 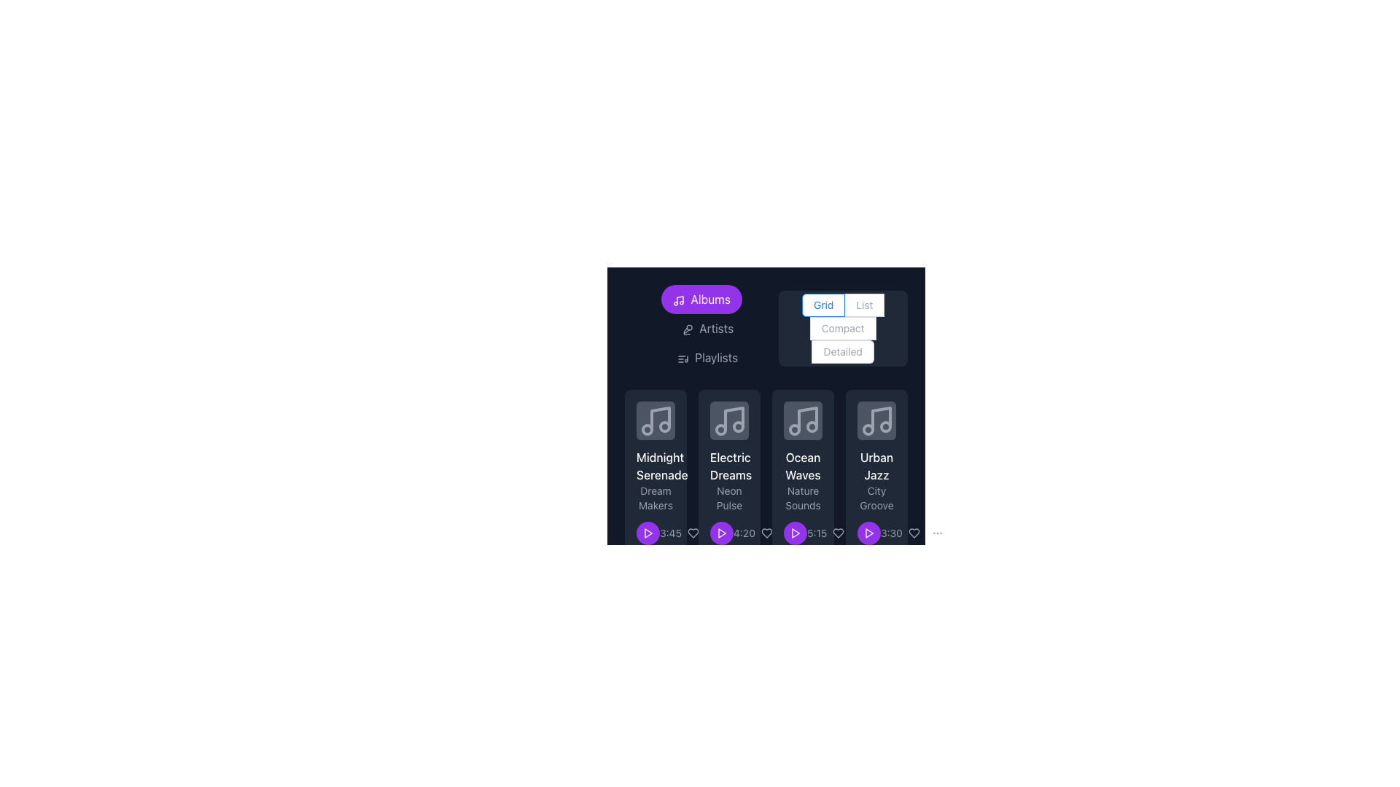 What do you see at coordinates (839, 533) in the screenshot?
I see `the 'like' or 'favorite' icon for the song 'Ocean Waves' located in the third card of the row` at bounding box center [839, 533].